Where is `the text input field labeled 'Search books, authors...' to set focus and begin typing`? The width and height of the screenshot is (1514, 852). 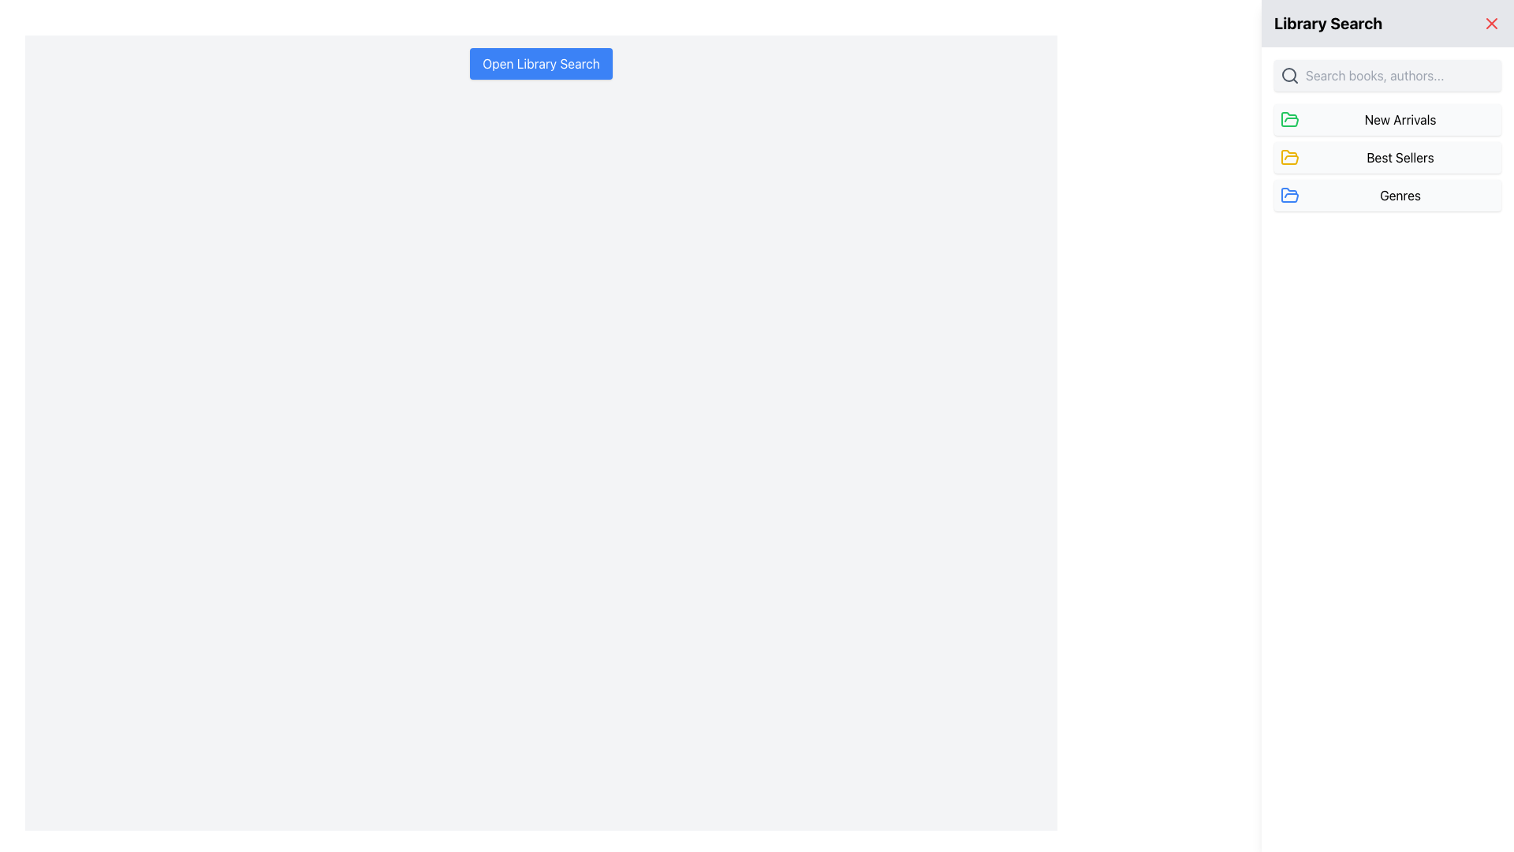 the text input field labeled 'Search books, authors...' to set focus and begin typing is located at coordinates (1400, 76).